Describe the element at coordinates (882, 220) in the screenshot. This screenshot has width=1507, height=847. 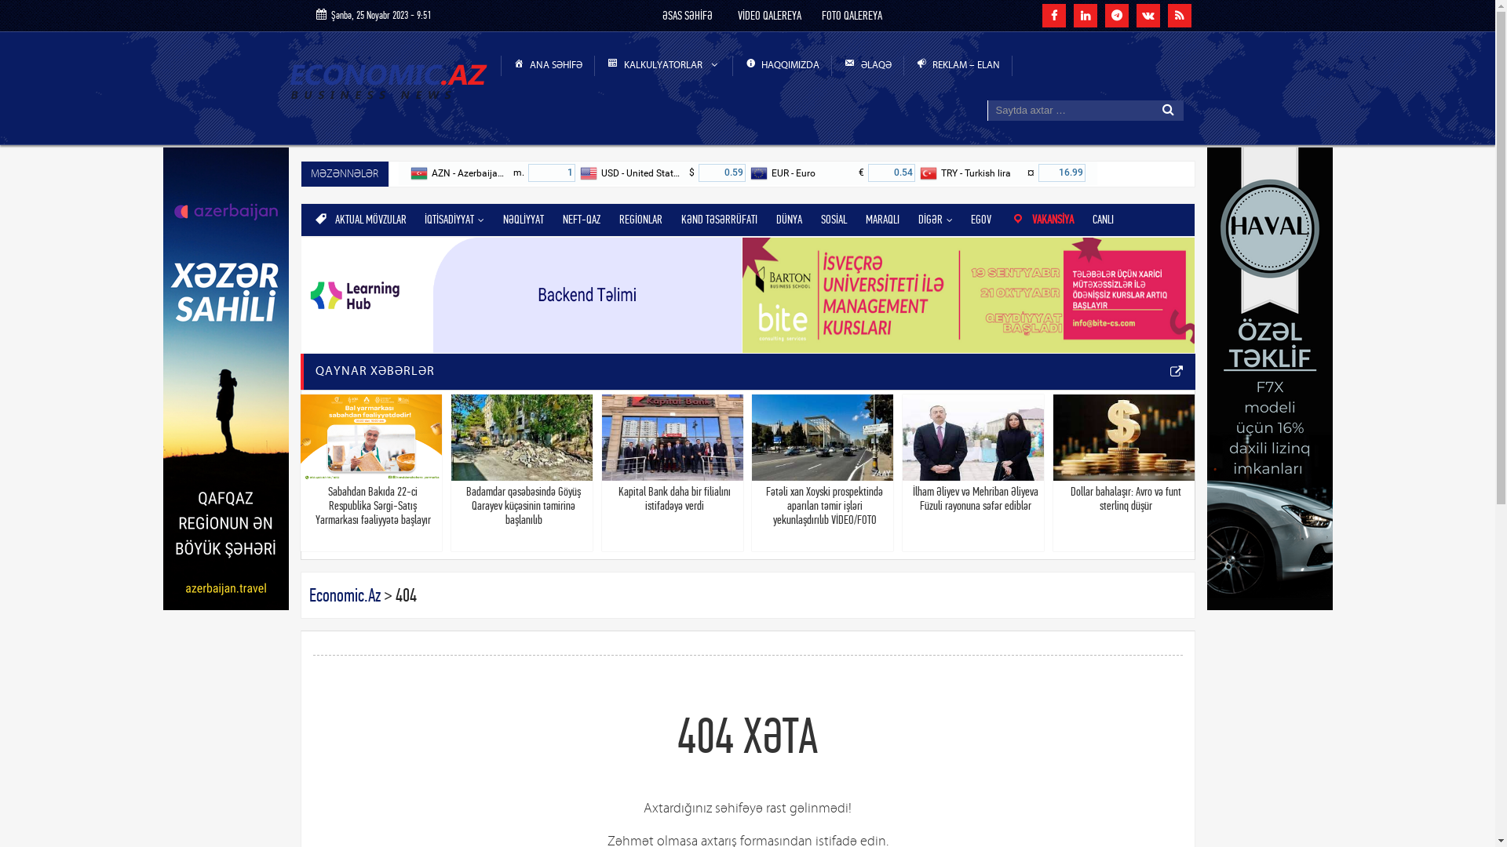
I see `'MARAQLI'` at that location.